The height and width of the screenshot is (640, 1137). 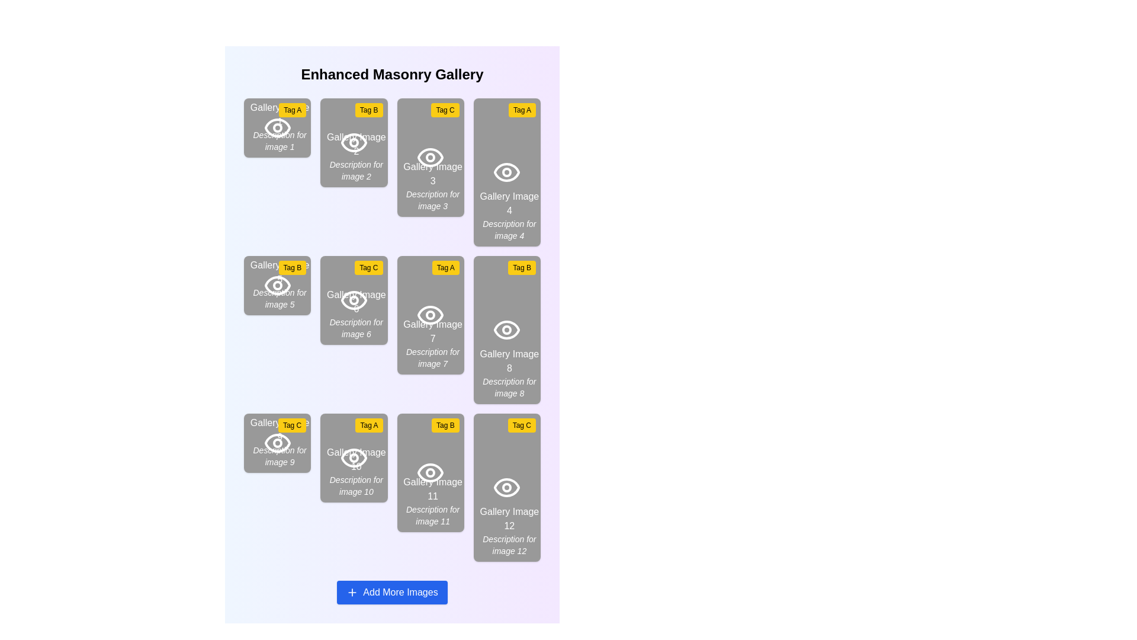 What do you see at coordinates (353, 142) in the screenshot?
I see `the icon located at the center of the tile labeled 'Gallery Image 2' in the second column of the first row` at bounding box center [353, 142].